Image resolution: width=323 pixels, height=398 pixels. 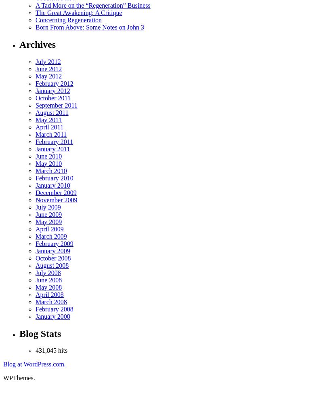 I want to click on 'Blog at WordPress.com.', so click(x=34, y=364).